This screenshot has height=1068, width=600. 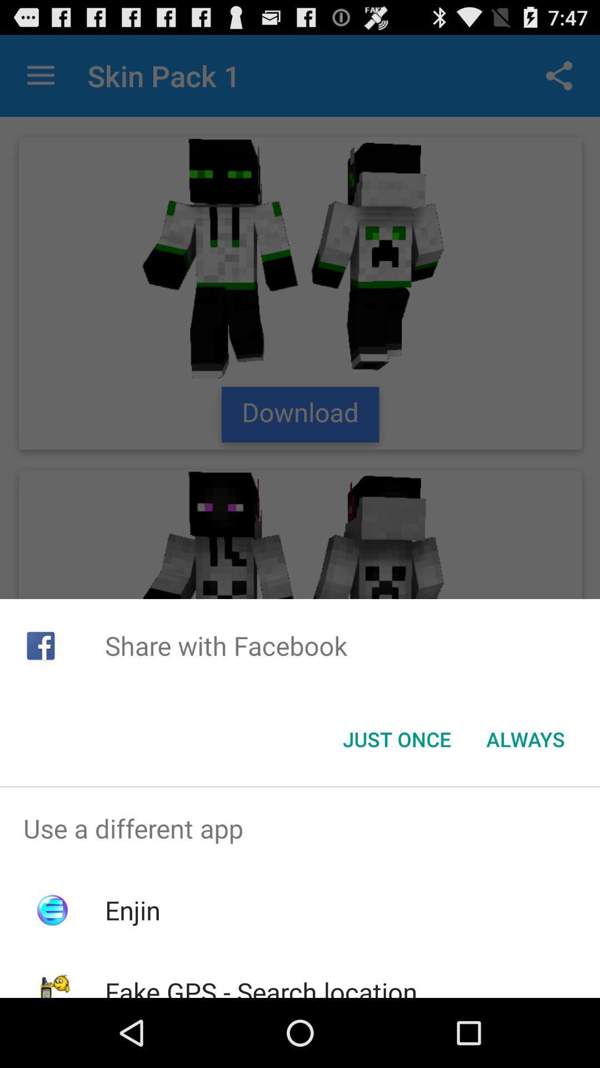 I want to click on the icon next to the always item, so click(x=396, y=739).